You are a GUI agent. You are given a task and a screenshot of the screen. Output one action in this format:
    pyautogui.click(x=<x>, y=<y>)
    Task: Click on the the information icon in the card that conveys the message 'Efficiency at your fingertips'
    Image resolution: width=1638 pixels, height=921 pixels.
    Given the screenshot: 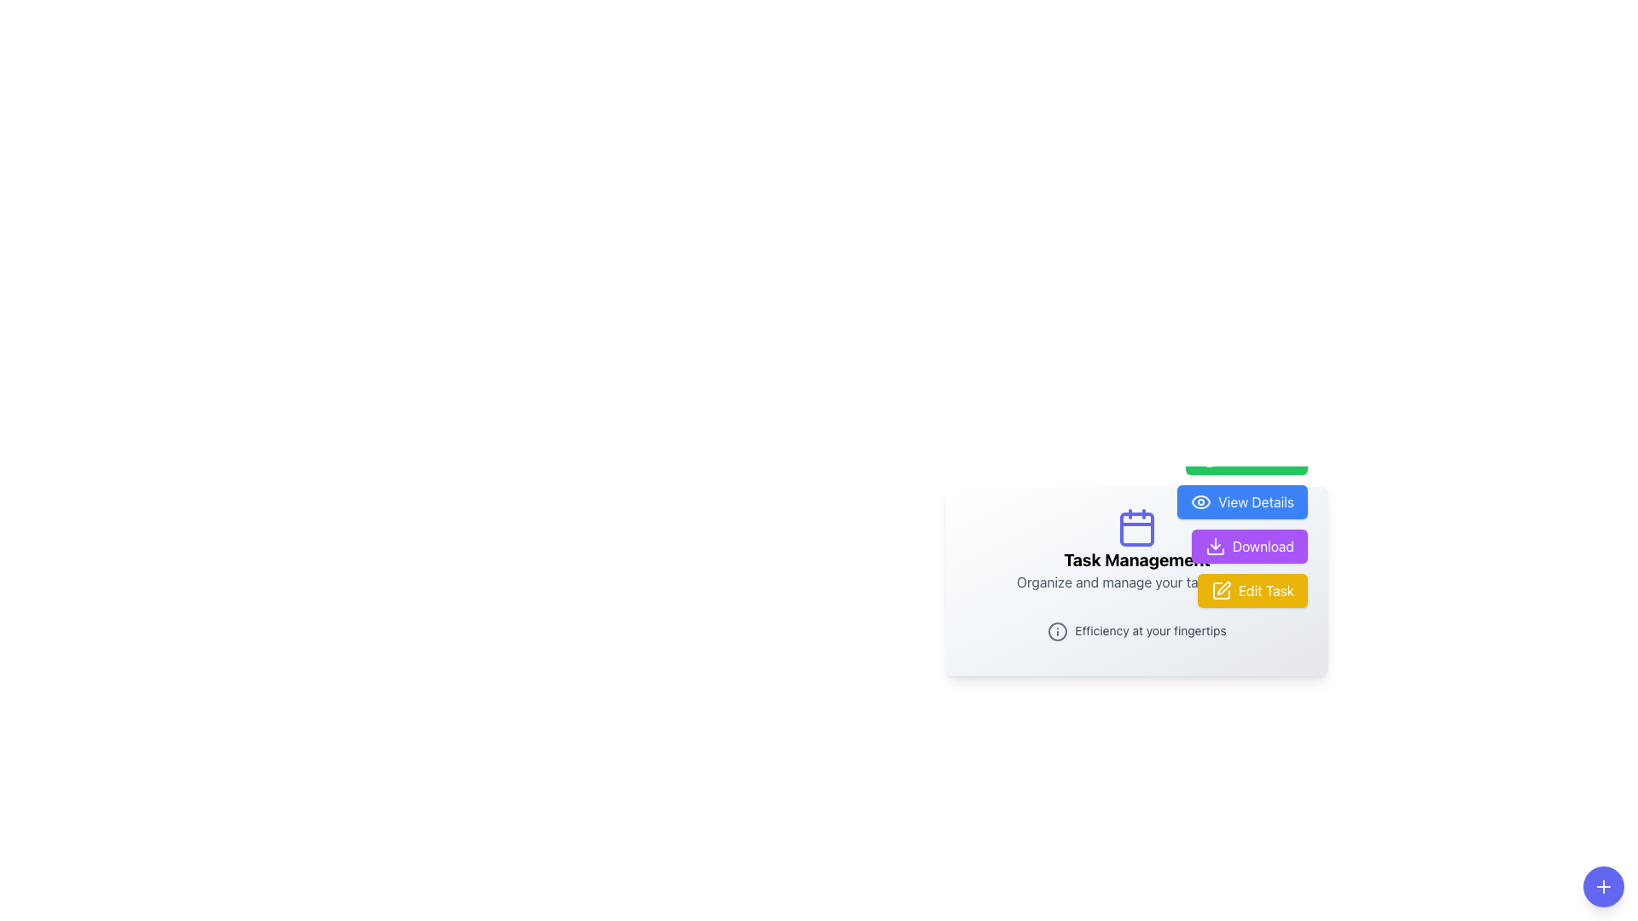 What is the action you would take?
    pyautogui.click(x=1137, y=630)
    